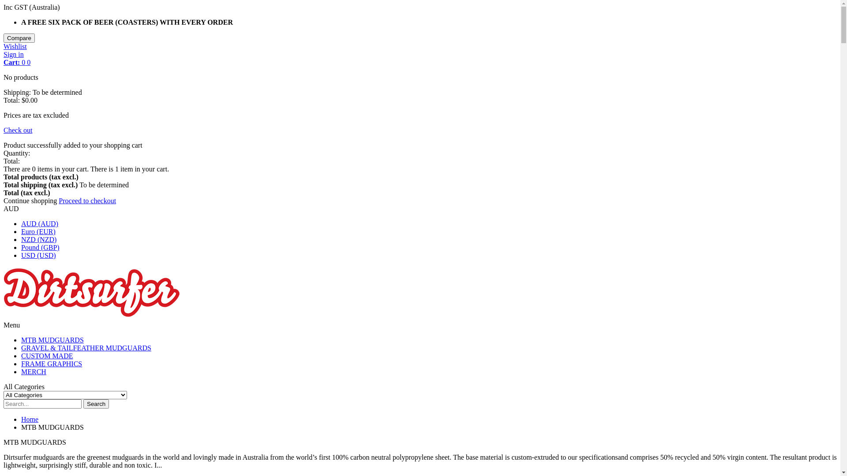  I want to click on 'Pound (GBP)', so click(40, 247).